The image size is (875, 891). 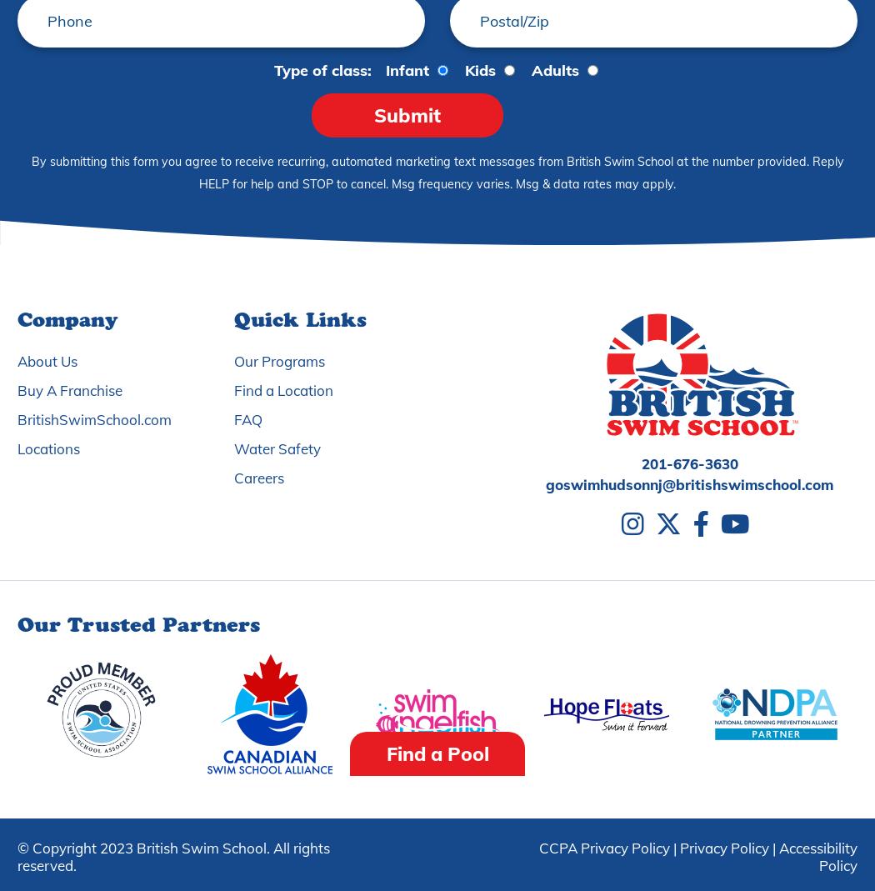 What do you see at coordinates (407, 69) in the screenshot?
I see `'Infant'` at bounding box center [407, 69].